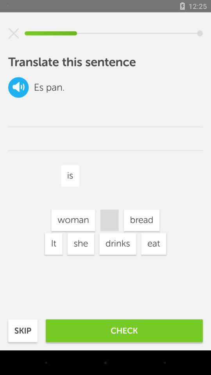 The width and height of the screenshot is (211, 375). What do you see at coordinates (73, 220) in the screenshot?
I see `the item next to drinks` at bounding box center [73, 220].